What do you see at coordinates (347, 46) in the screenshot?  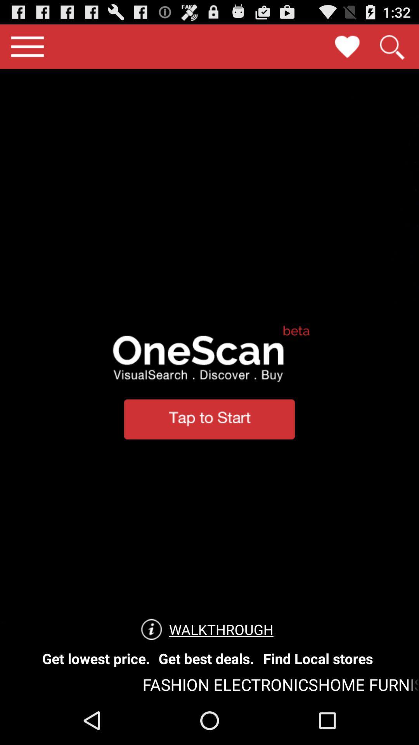 I see `image button` at bounding box center [347, 46].